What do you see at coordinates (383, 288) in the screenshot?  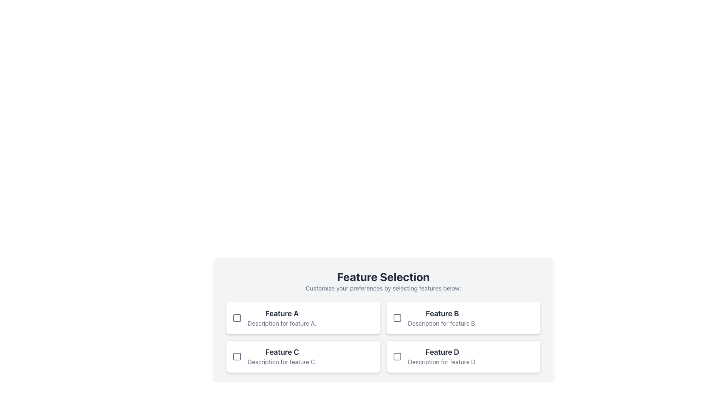 I see `the static text description that provides guidance on how to interact with the features listed below, positioned beneath the main title 'Feature Selection'` at bounding box center [383, 288].